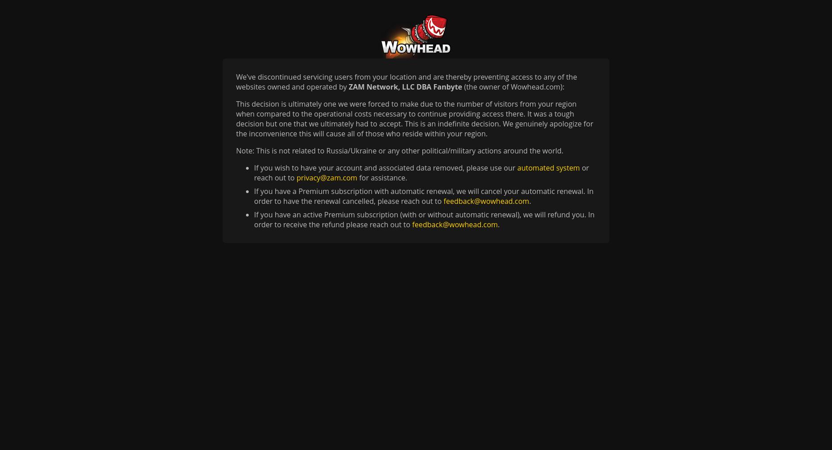  What do you see at coordinates (424, 219) in the screenshot?
I see `'If you have an active Premium subscription (with or without automatic renewal), we will refund you. In order to receive the refund please reach out to'` at bounding box center [424, 219].